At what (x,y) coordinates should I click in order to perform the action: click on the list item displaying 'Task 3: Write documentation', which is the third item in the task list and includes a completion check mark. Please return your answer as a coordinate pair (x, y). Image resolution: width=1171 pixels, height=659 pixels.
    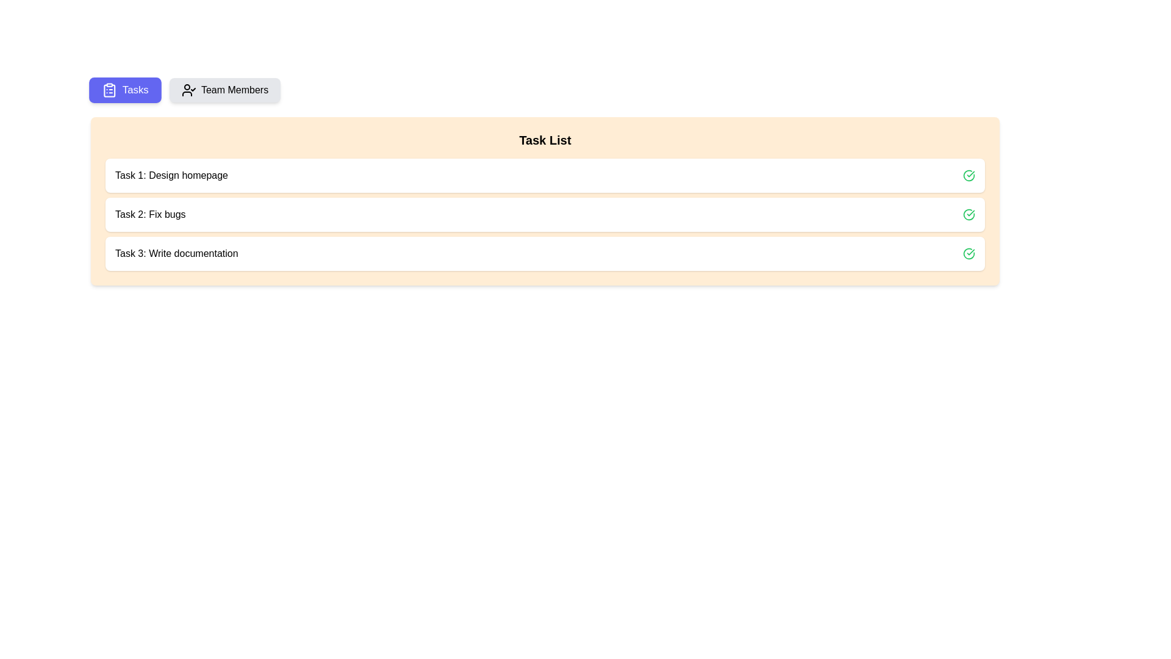
    Looking at the image, I should click on (544, 253).